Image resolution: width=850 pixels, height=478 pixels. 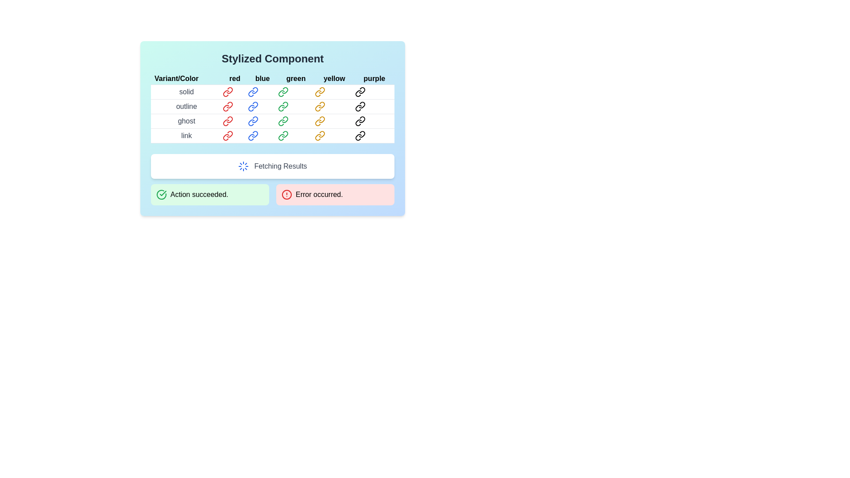 What do you see at coordinates (228, 92) in the screenshot?
I see `the red-colored link icon with the text 'solid red'` at bounding box center [228, 92].